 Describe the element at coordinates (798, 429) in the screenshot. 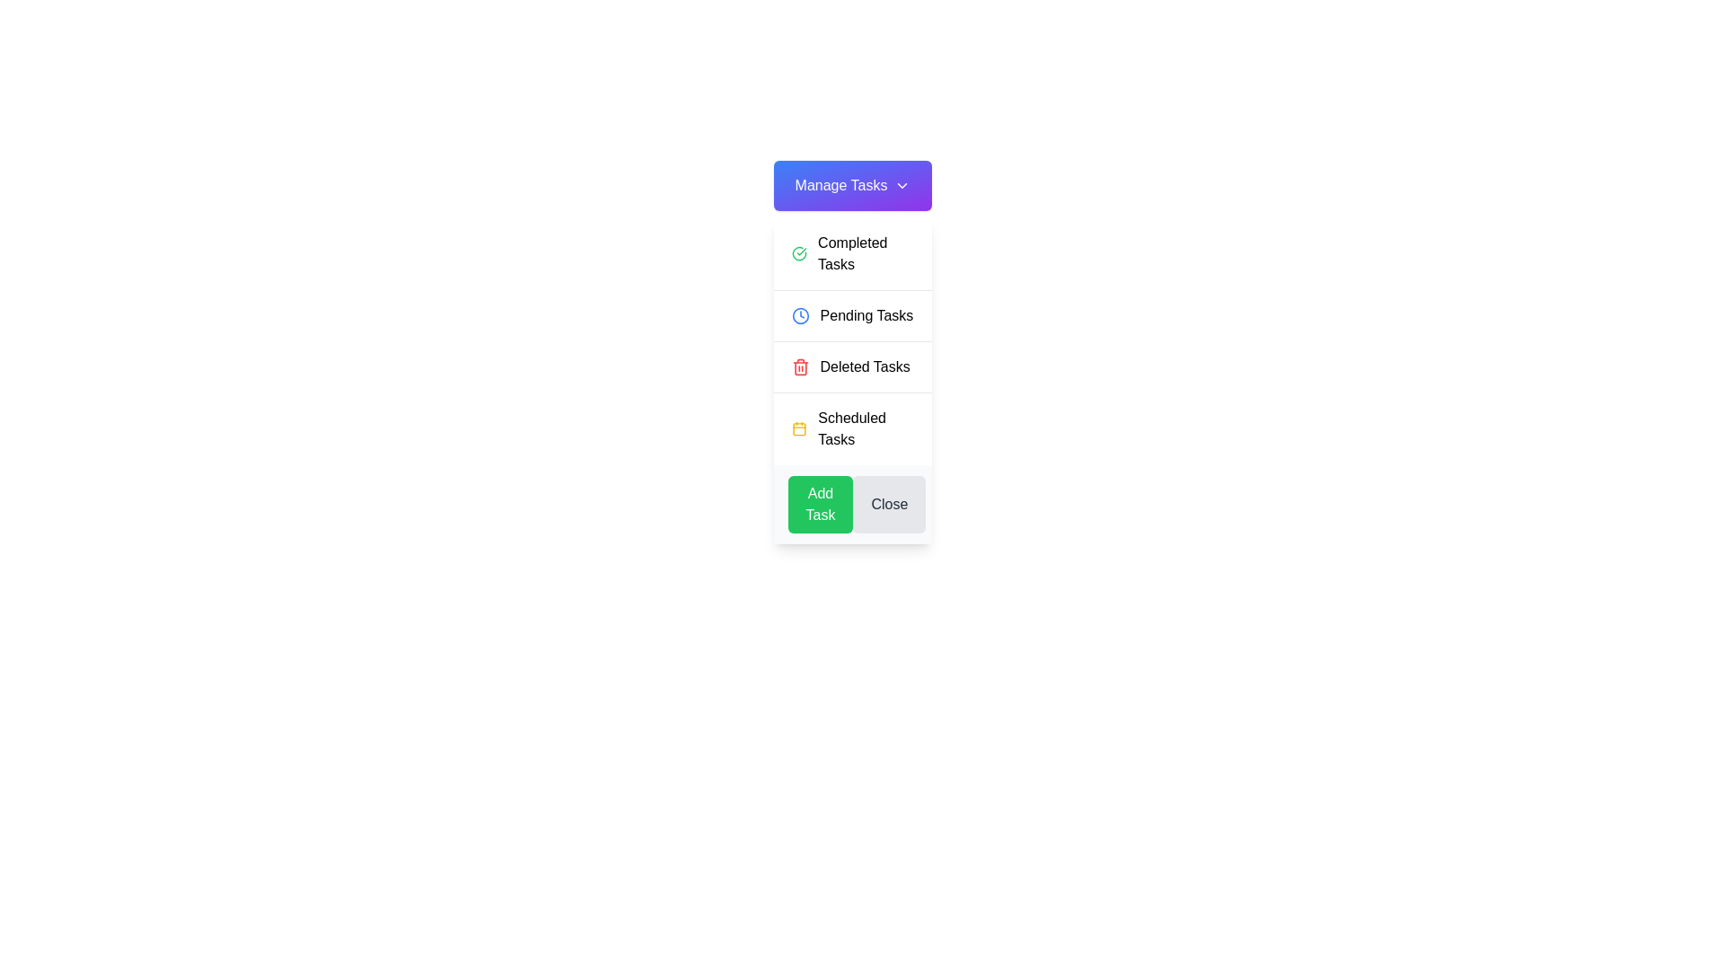

I see `the decorative background graphic of the calendar icon, which is a rounded square shape with a yellow border and white fill, located in the 'Scheduled Tasks' dropdown menu` at that location.